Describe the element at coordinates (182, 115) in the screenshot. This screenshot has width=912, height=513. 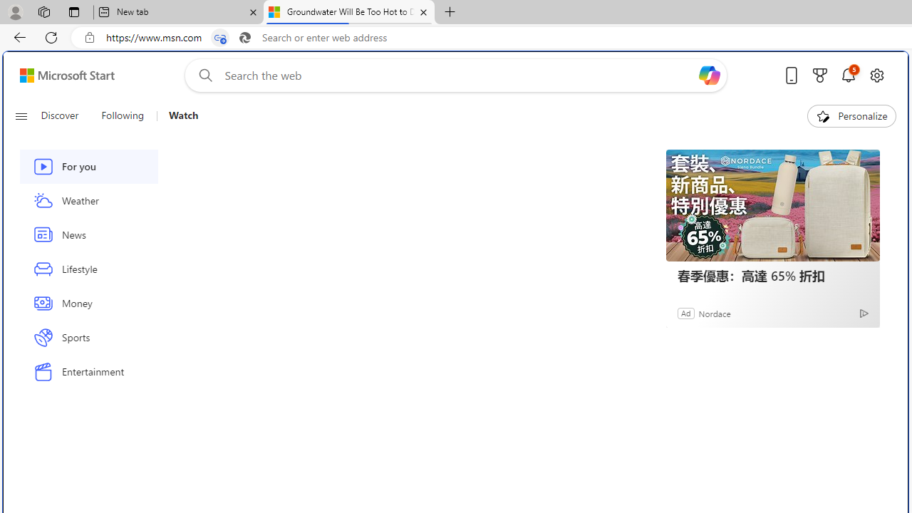
I see `'Watch'` at that location.